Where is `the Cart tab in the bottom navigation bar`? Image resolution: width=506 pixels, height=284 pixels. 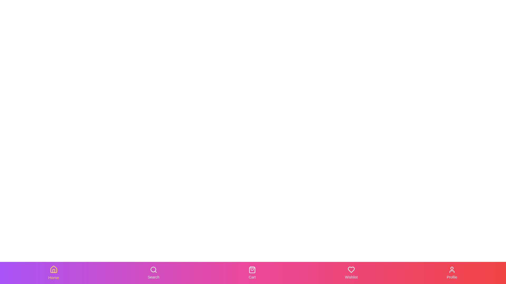 the Cart tab in the bottom navigation bar is located at coordinates (251, 272).